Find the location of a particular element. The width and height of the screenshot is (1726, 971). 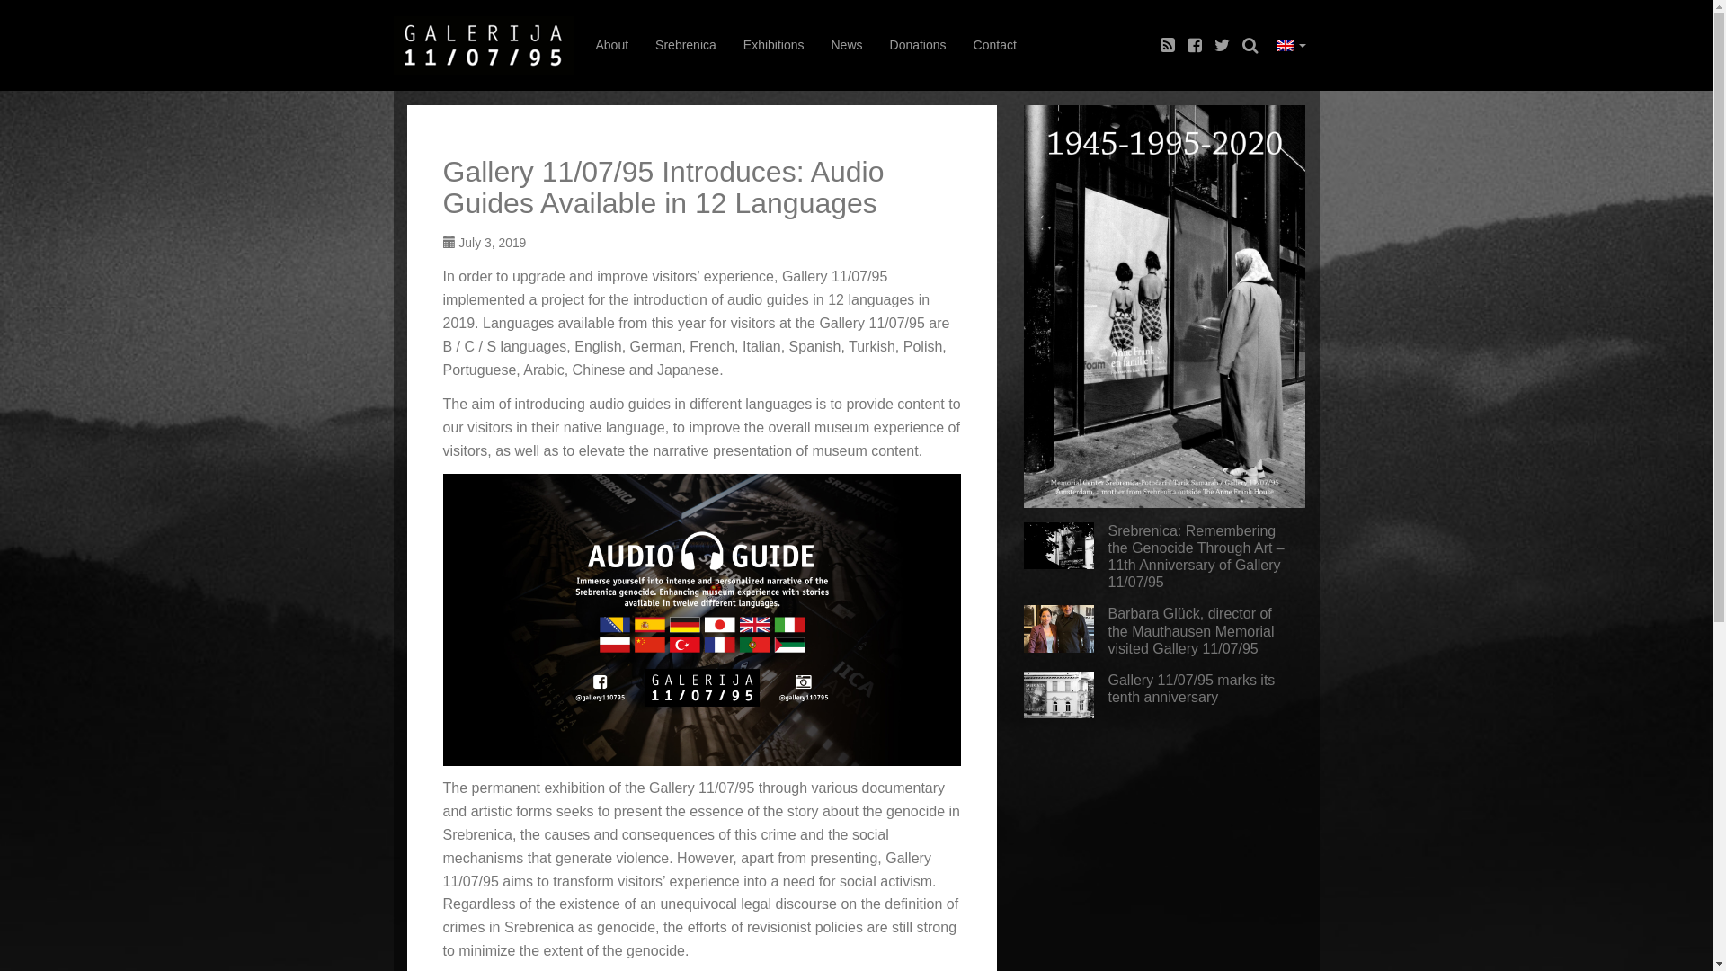

'twitter' is located at coordinates (1222, 44).